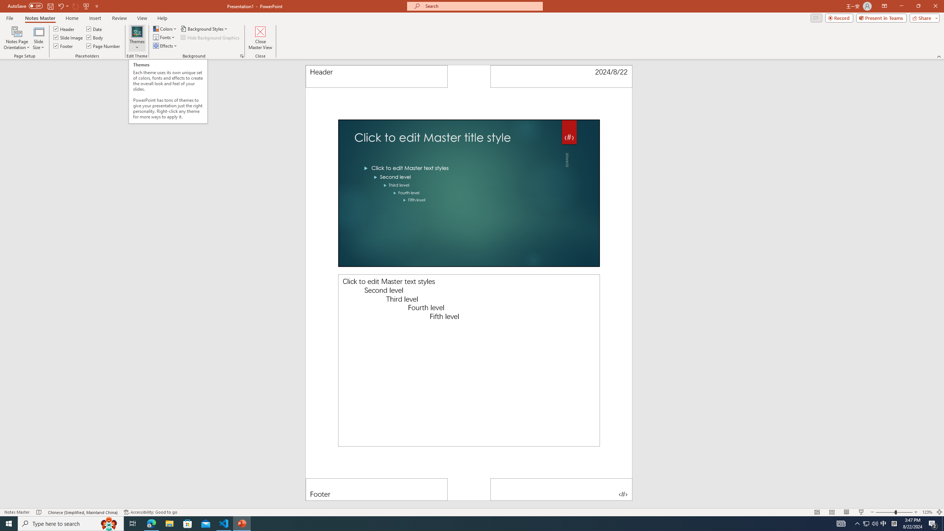 The height and width of the screenshot is (531, 944). Describe the element at coordinates (68, 37) in the screenshot. I see `'Slide Image'` at that location.